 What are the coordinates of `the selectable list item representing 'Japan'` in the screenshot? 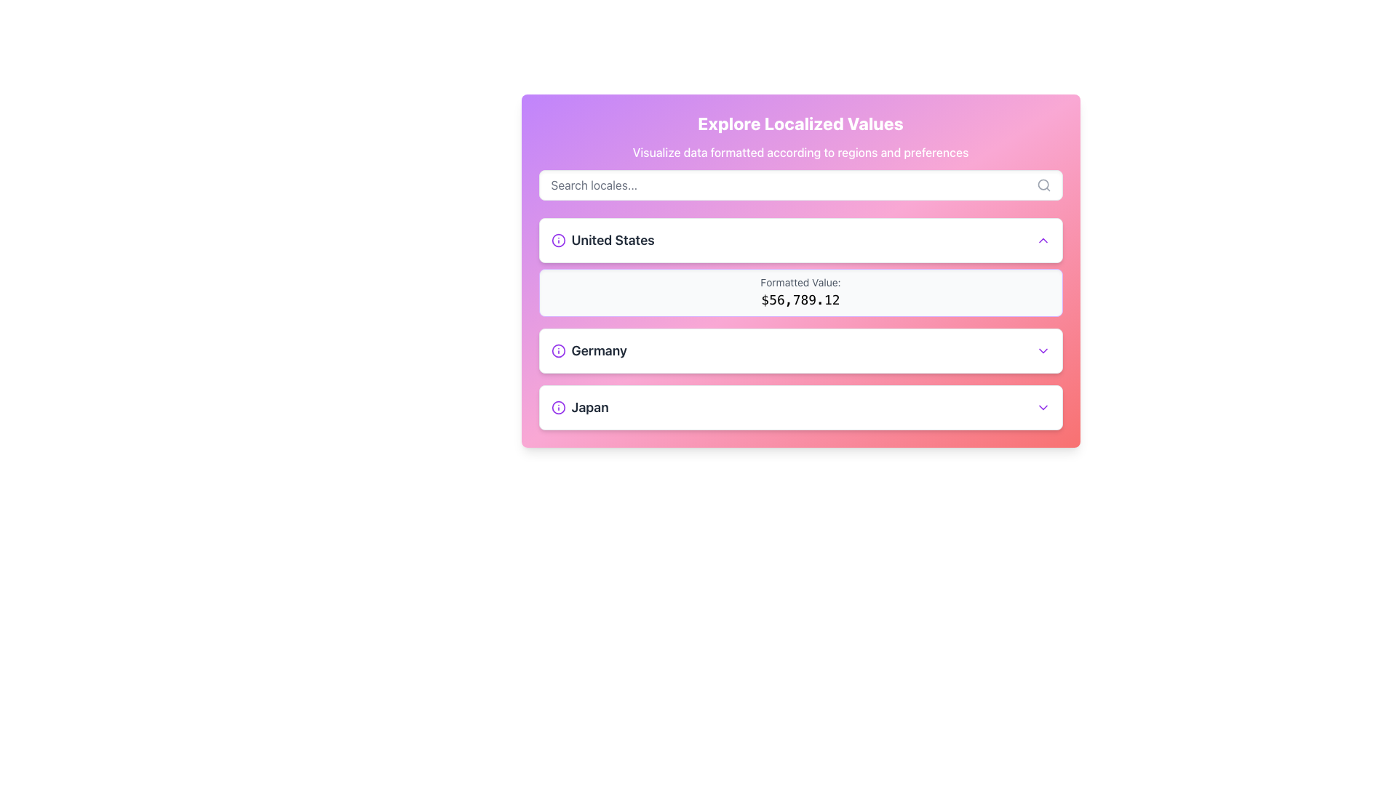 It's located at (800, 407).